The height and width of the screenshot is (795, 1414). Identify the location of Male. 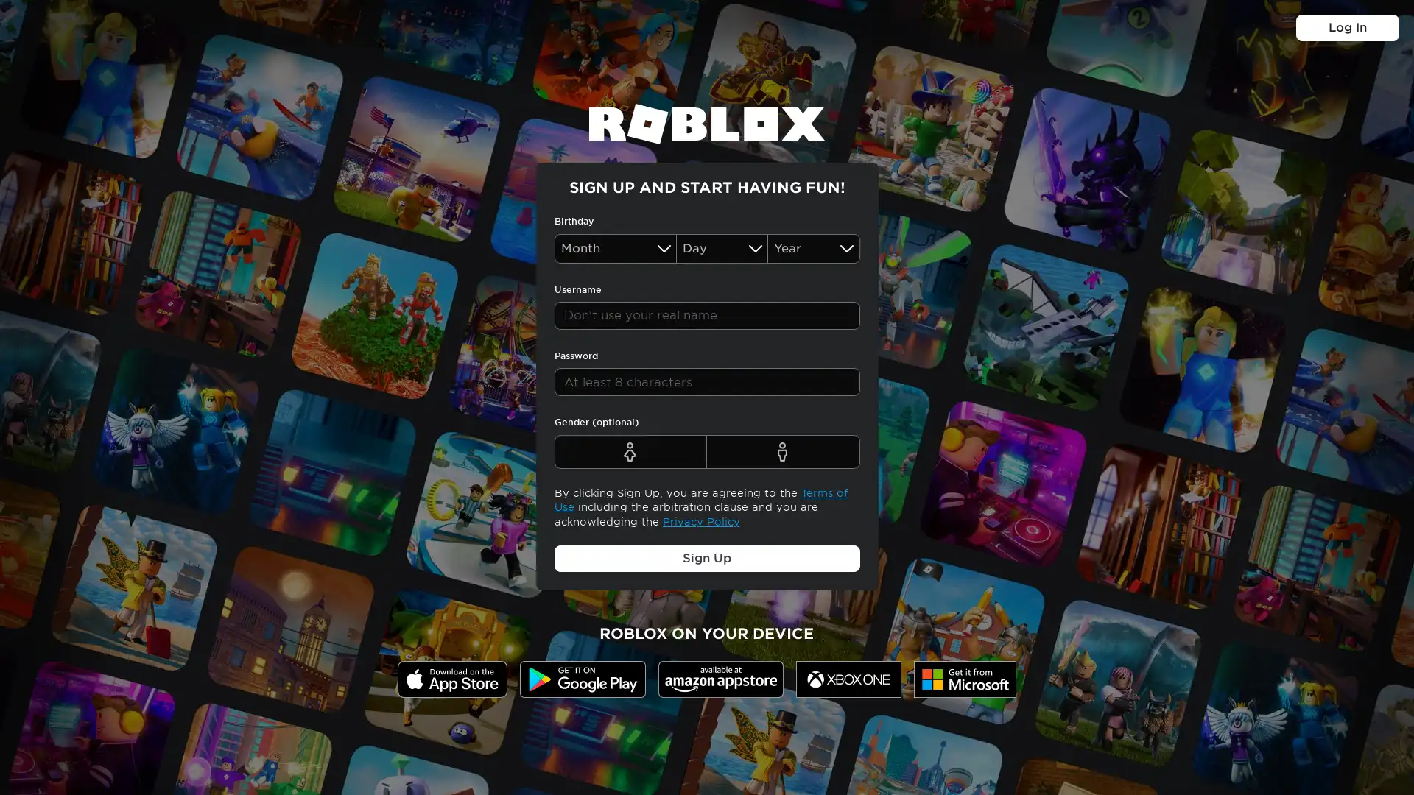
(781, 451).